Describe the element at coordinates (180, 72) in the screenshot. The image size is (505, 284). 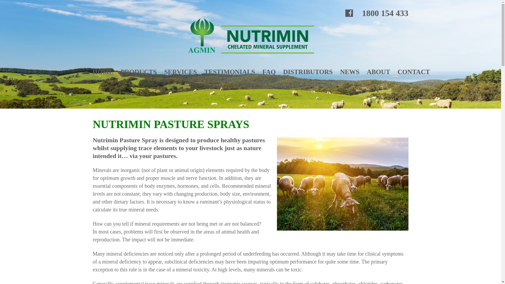
I see `'SERVICES'` at that location.